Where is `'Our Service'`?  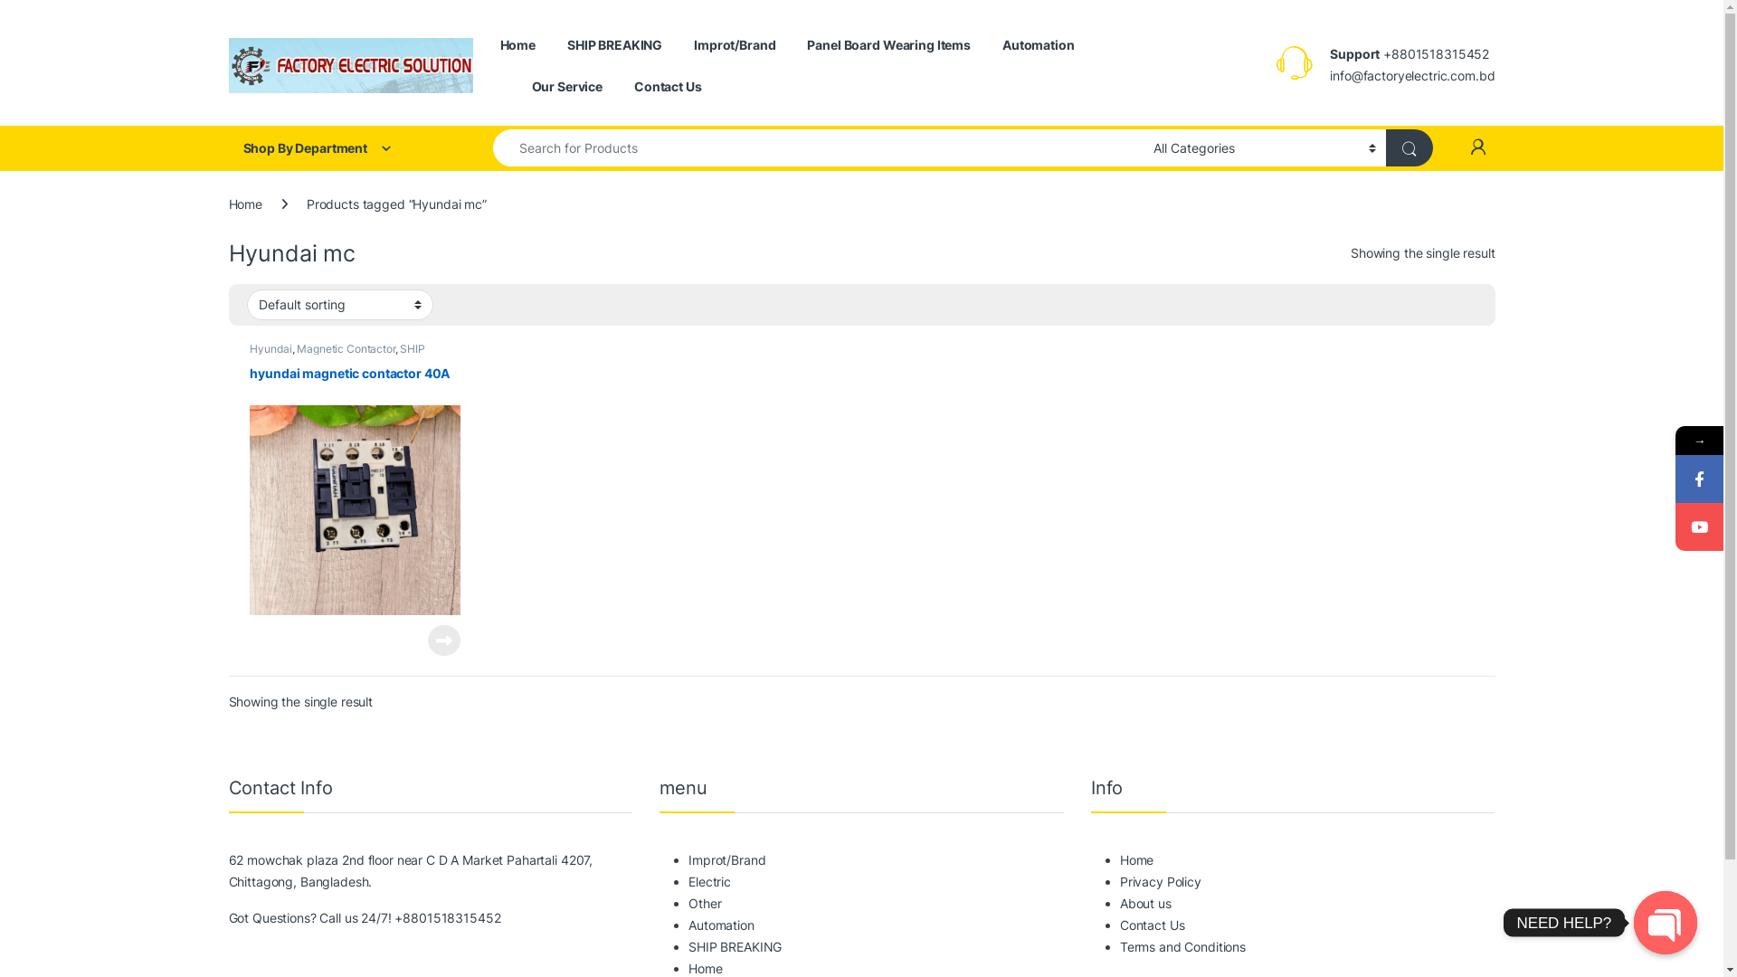 'Our Service' is located at coordinates (566, 87).